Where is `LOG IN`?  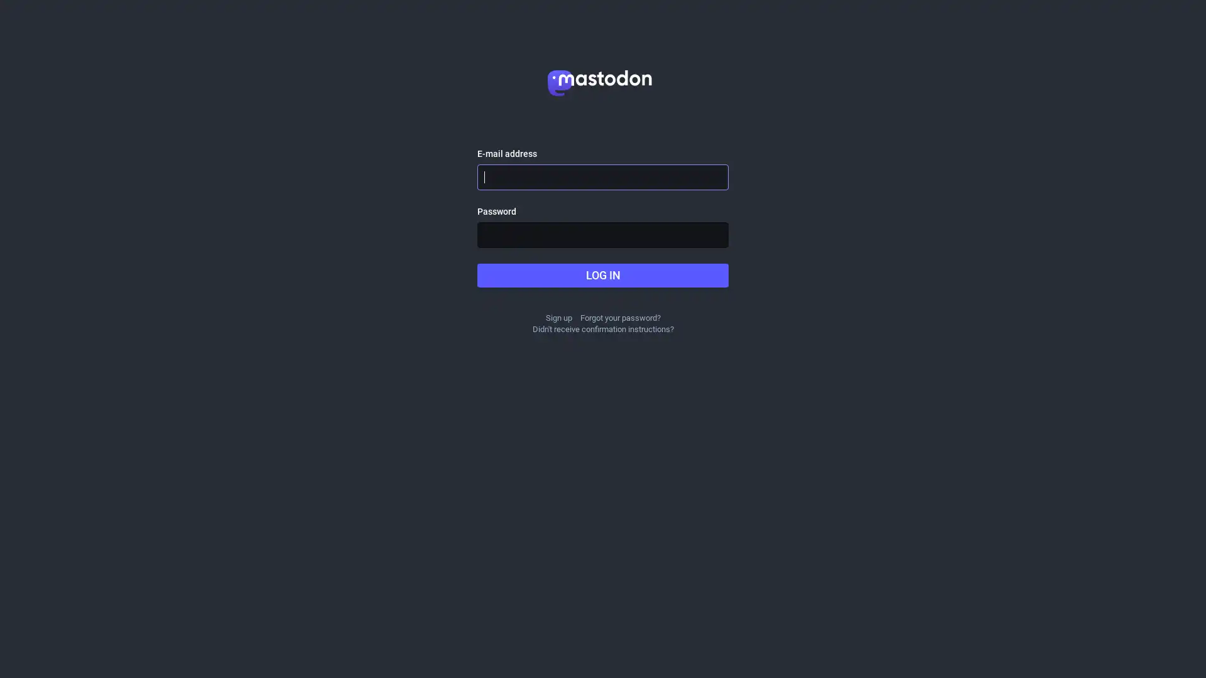 LOG IN is located at coordinates (603, 275).